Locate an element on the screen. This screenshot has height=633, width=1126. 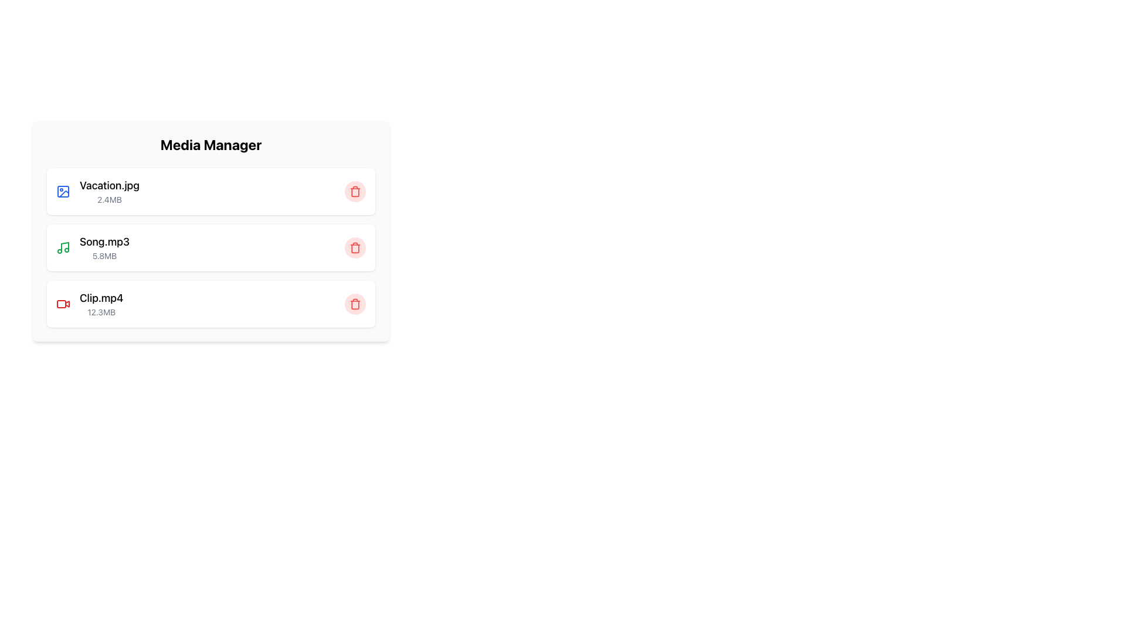
the text display element showing 'Vacation.jpg' is located at coordinates (110, 191).